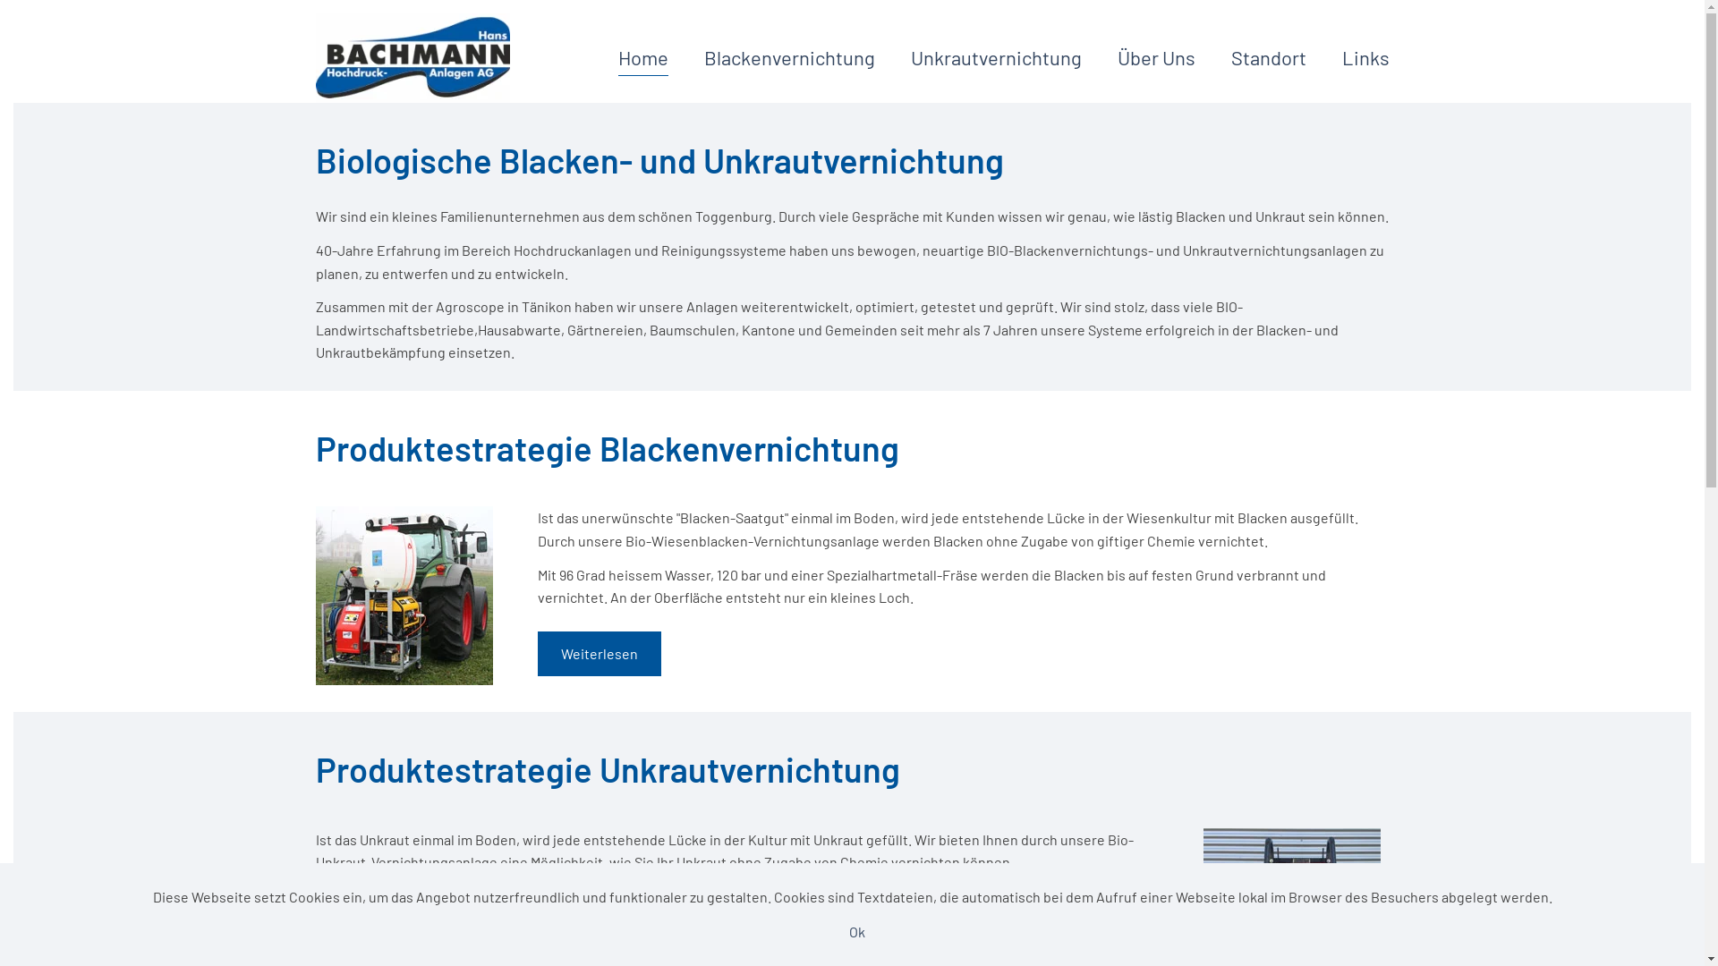 The width and height of the screenshot is (1718, 966). I want to click on 'Home', so click(642, 57).